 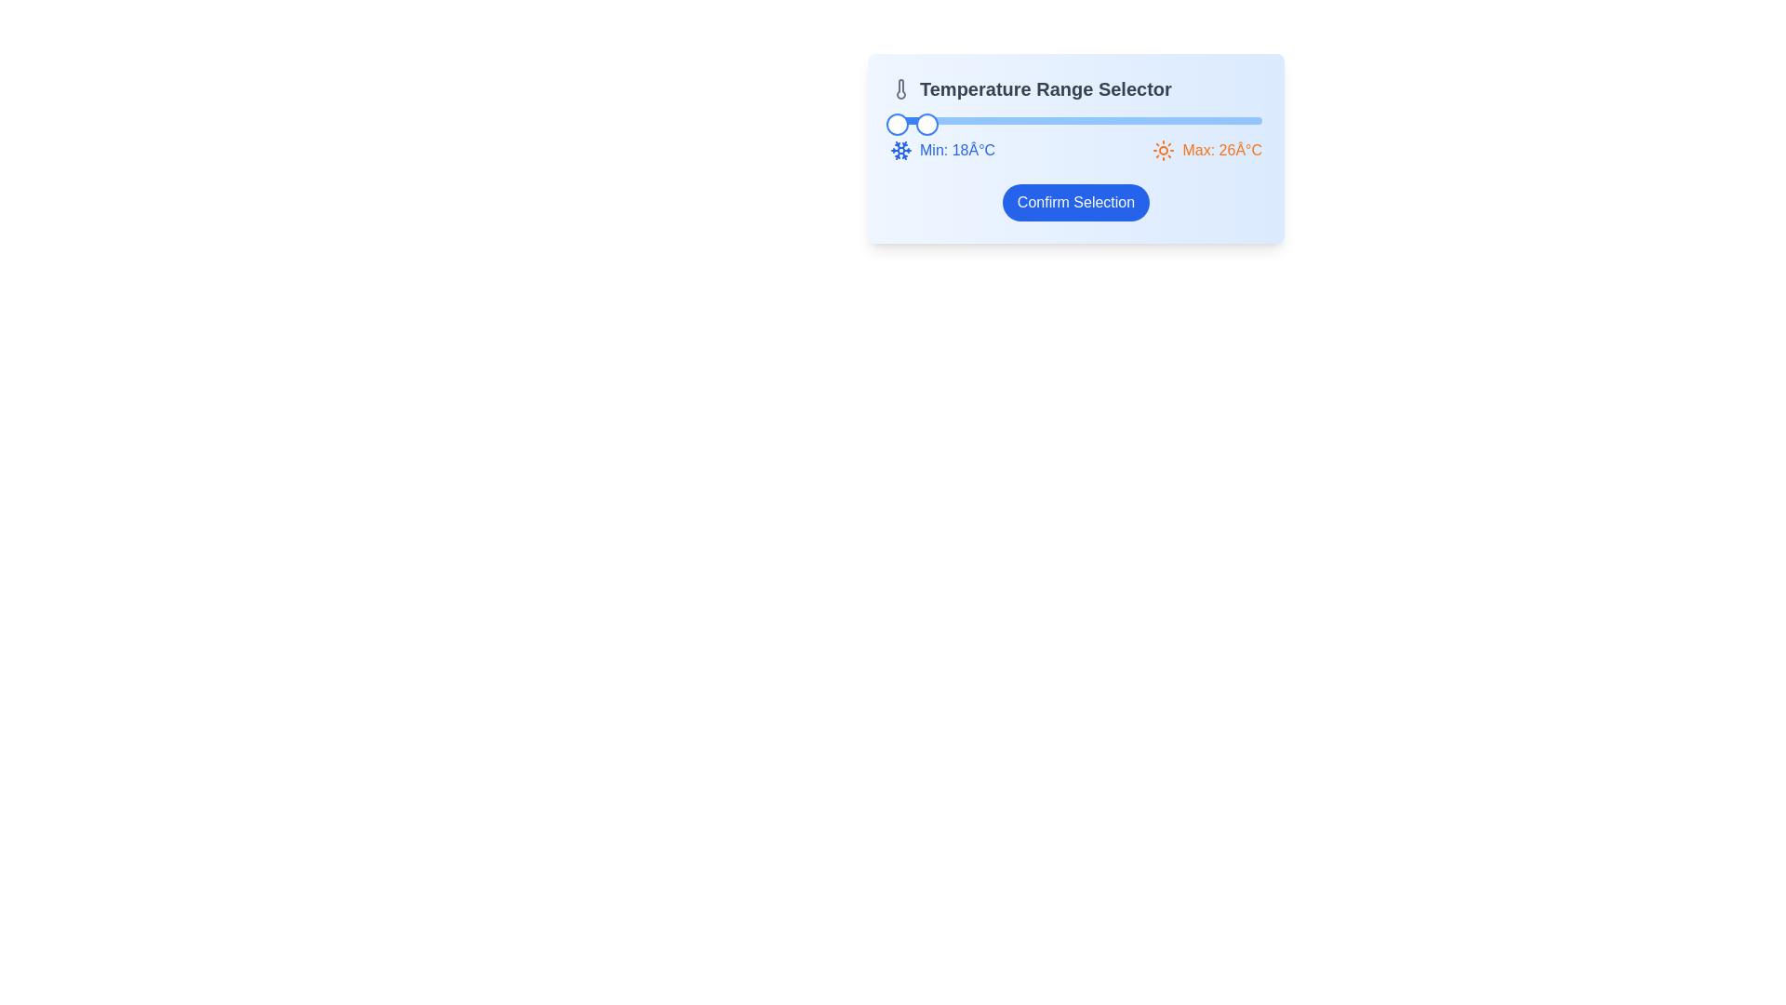 What do you see at coordinates (795, 125) in the screenshot?
I see `the left slider knob` at bounding box center [795, 125].